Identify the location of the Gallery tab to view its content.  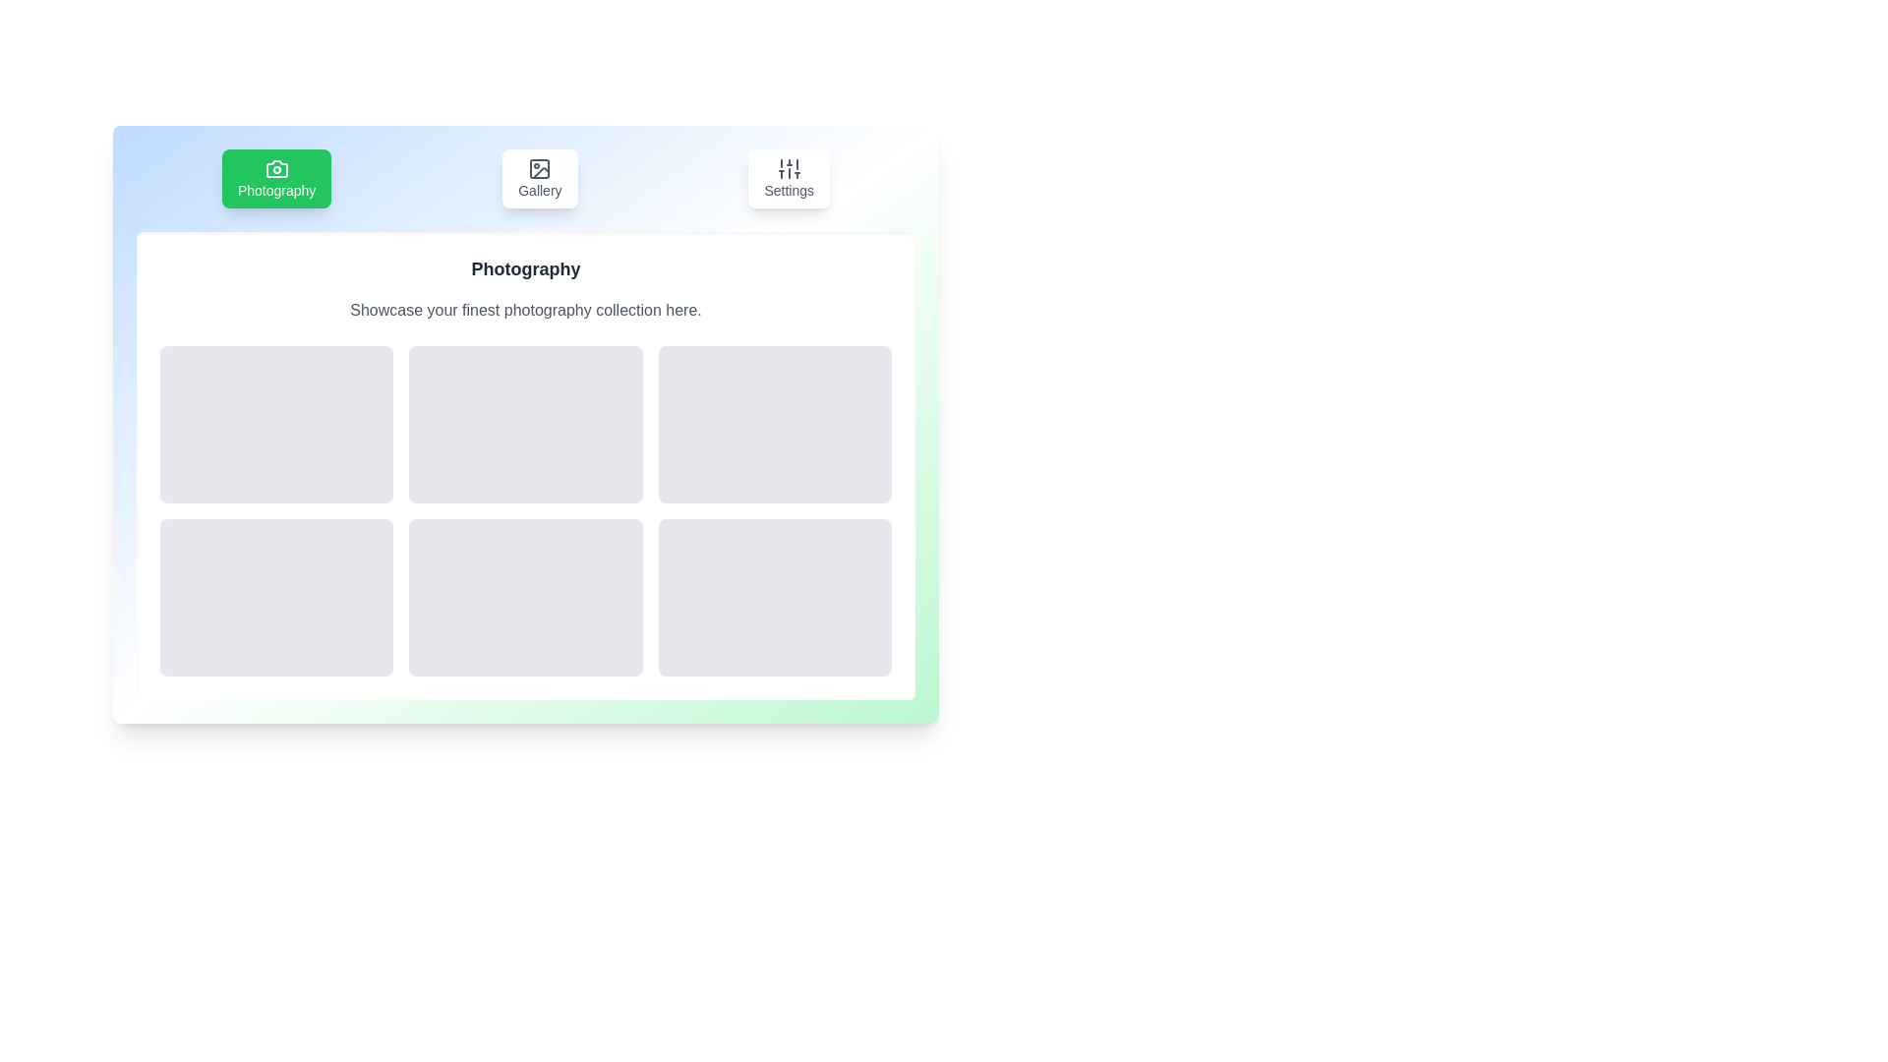
(539, 178).